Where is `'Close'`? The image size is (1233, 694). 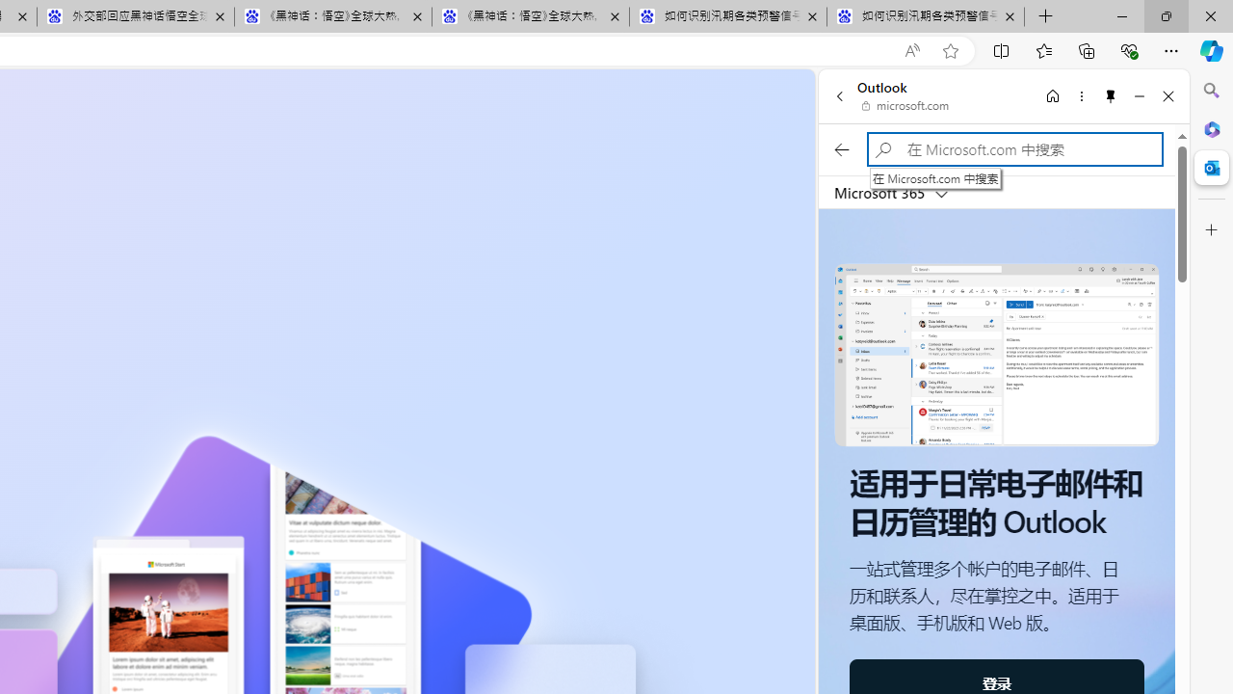 'Close' is located at coordinates (1167, 95).